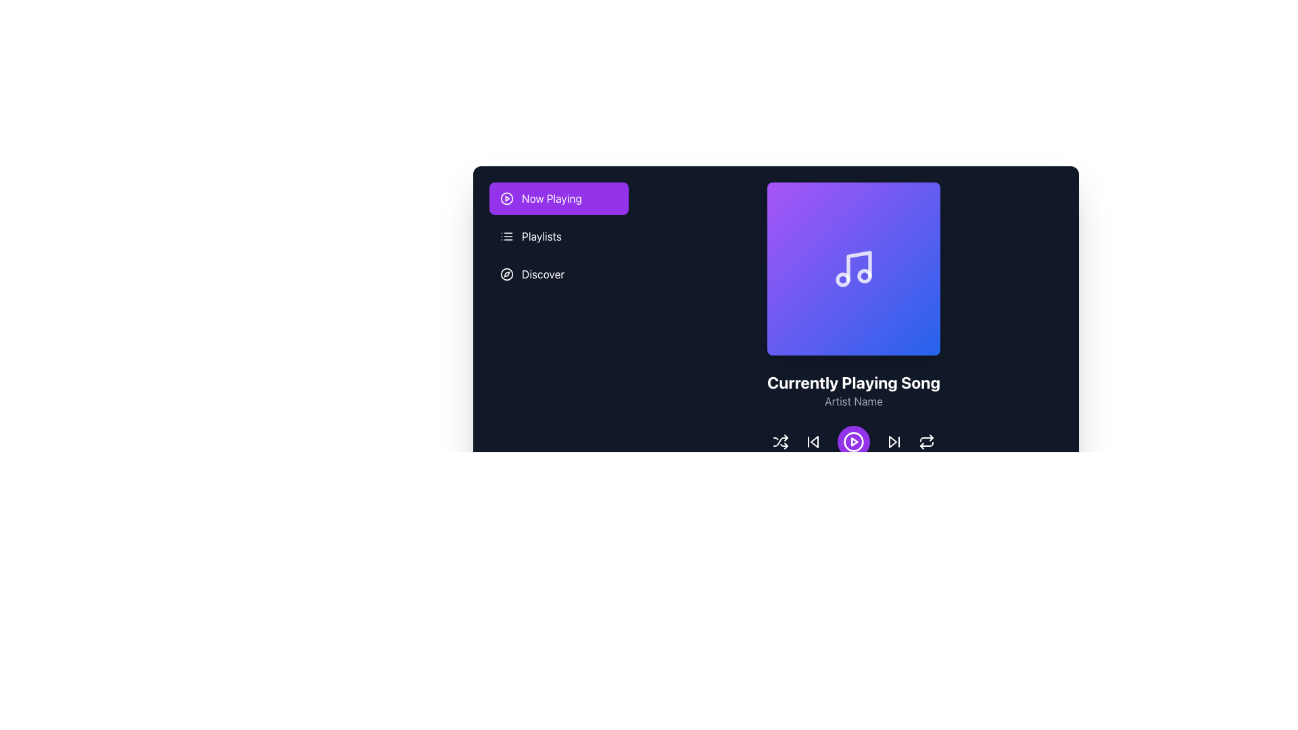 Image resolution: width=1298 pixels, height=730 pixels. What do you see at coordinates (852, 391) in the screenshot?
I see `the text display element that shows 'Currently Playing Song' and 'Artist Name', positioned centrally below the musical note icon` at bounding box center [852, 391].